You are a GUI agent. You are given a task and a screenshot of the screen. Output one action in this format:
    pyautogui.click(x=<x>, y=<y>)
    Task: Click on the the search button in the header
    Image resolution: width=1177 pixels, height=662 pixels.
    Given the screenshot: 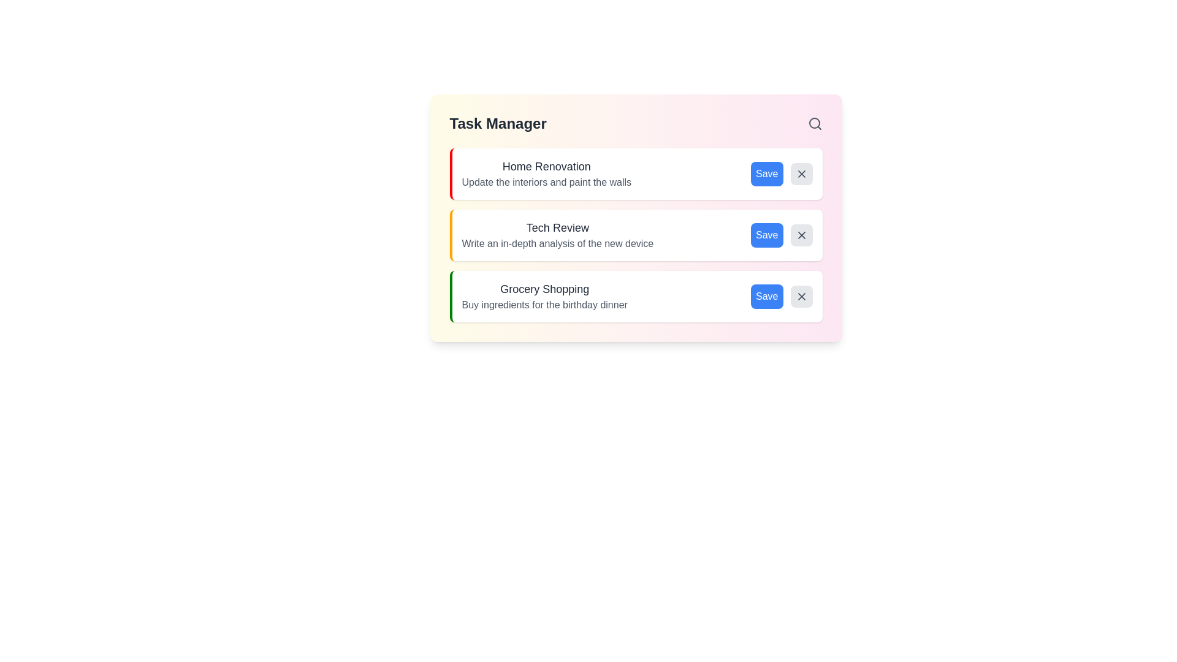 What is the action you would take?
    pyautogui.click(x=815, y=123)
    